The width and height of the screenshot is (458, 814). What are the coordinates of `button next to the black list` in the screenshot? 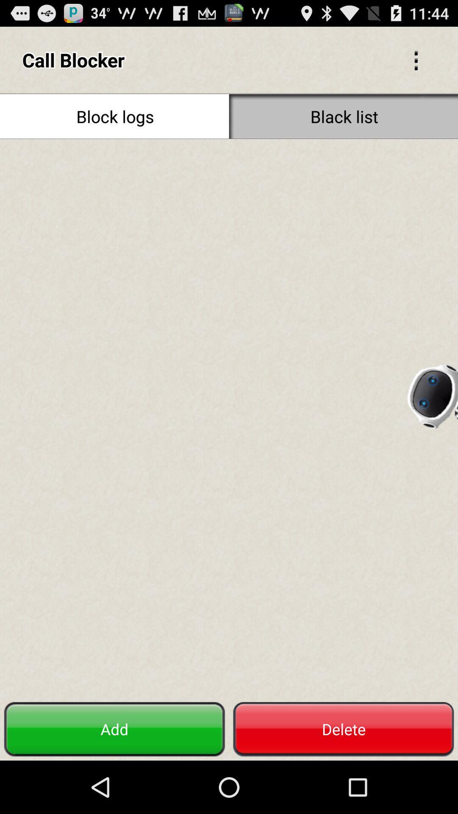 It's located at (114, 116).